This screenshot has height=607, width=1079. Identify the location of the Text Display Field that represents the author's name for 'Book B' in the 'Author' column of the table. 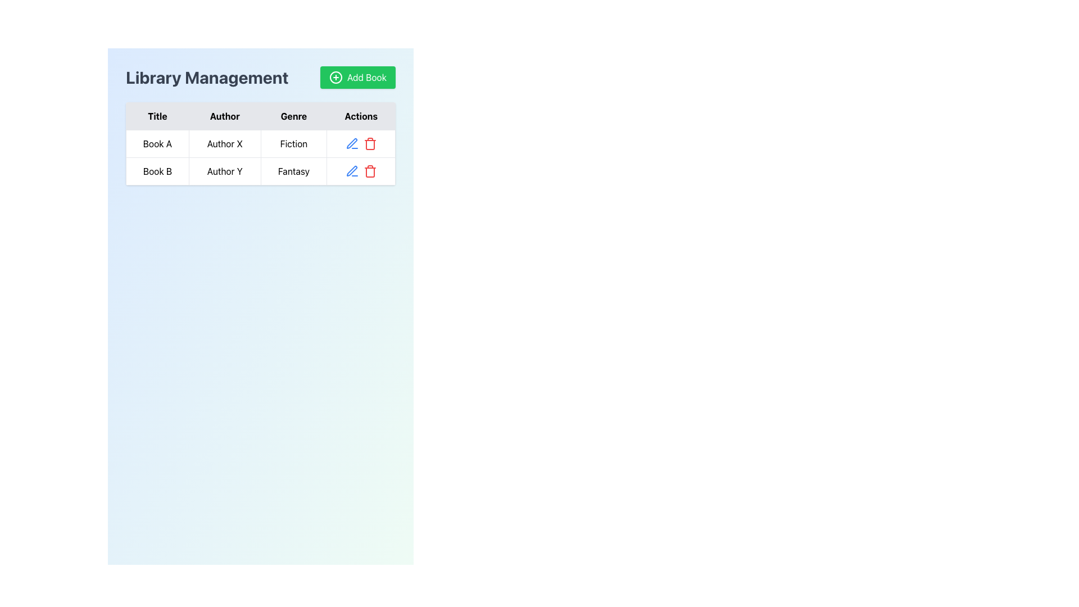
(225, 171).